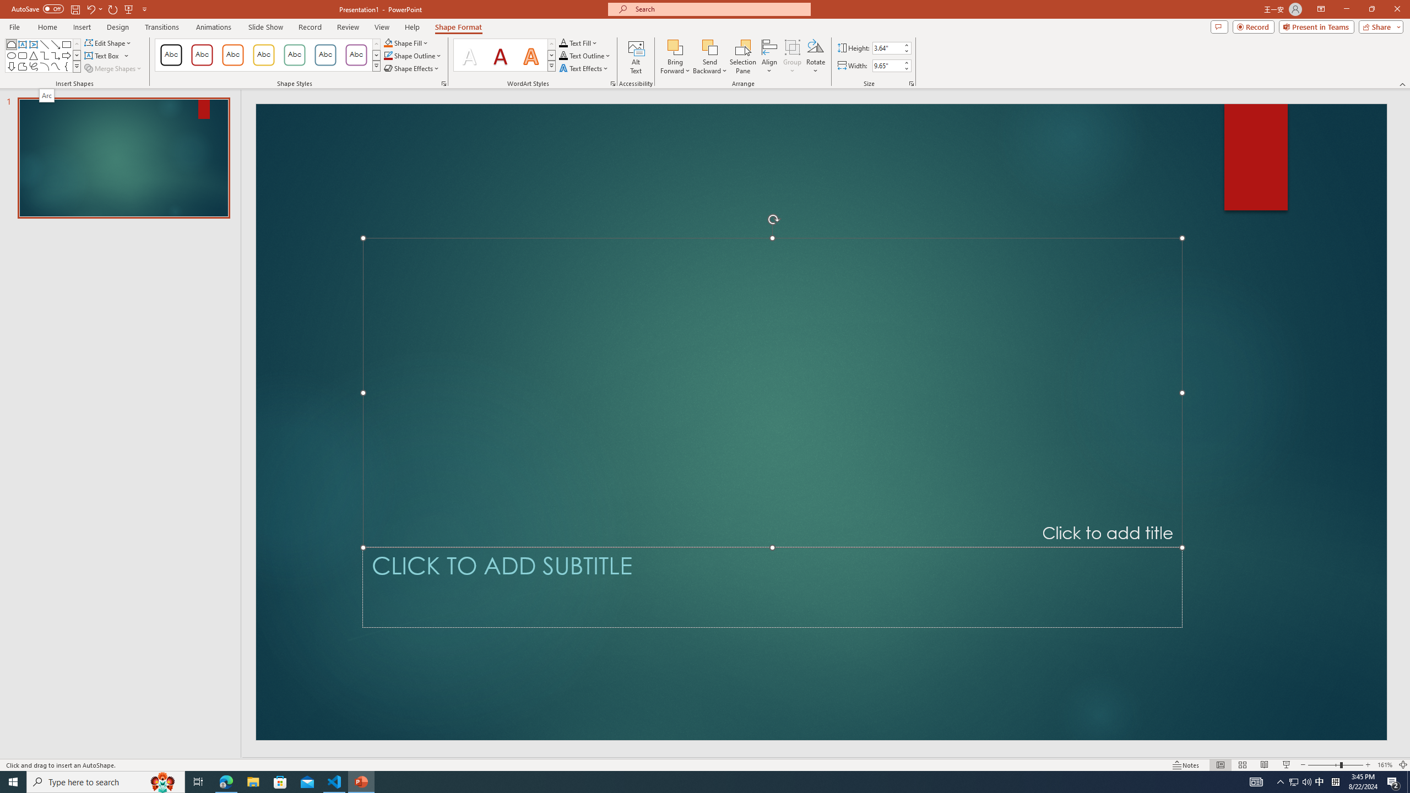  Describe the element at coordinates (469, 55) in the screenshot. I see `'Fill: White, Text color 1; Shadow'` at that location.